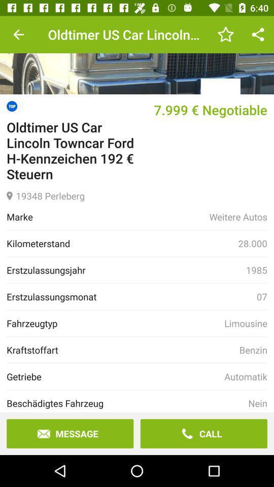 The image size is (274, 487). I want to click on 07 item, so click(262, 297).